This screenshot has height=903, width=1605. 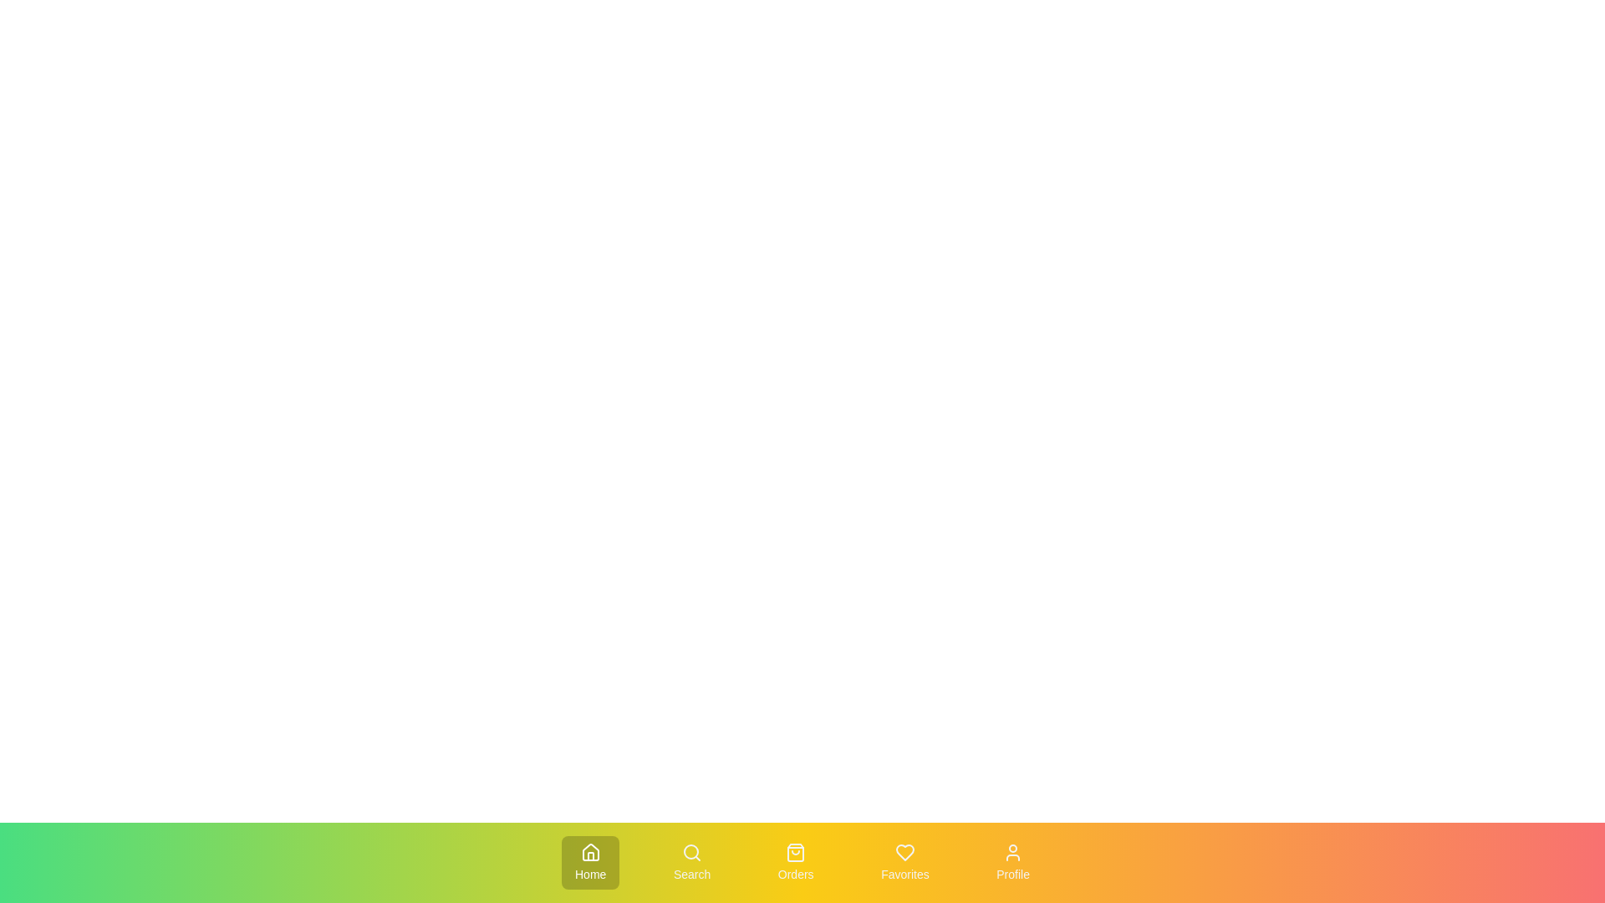 I want to click on the Profile tab to observe the hover effect, so click(x=1012, y=863).